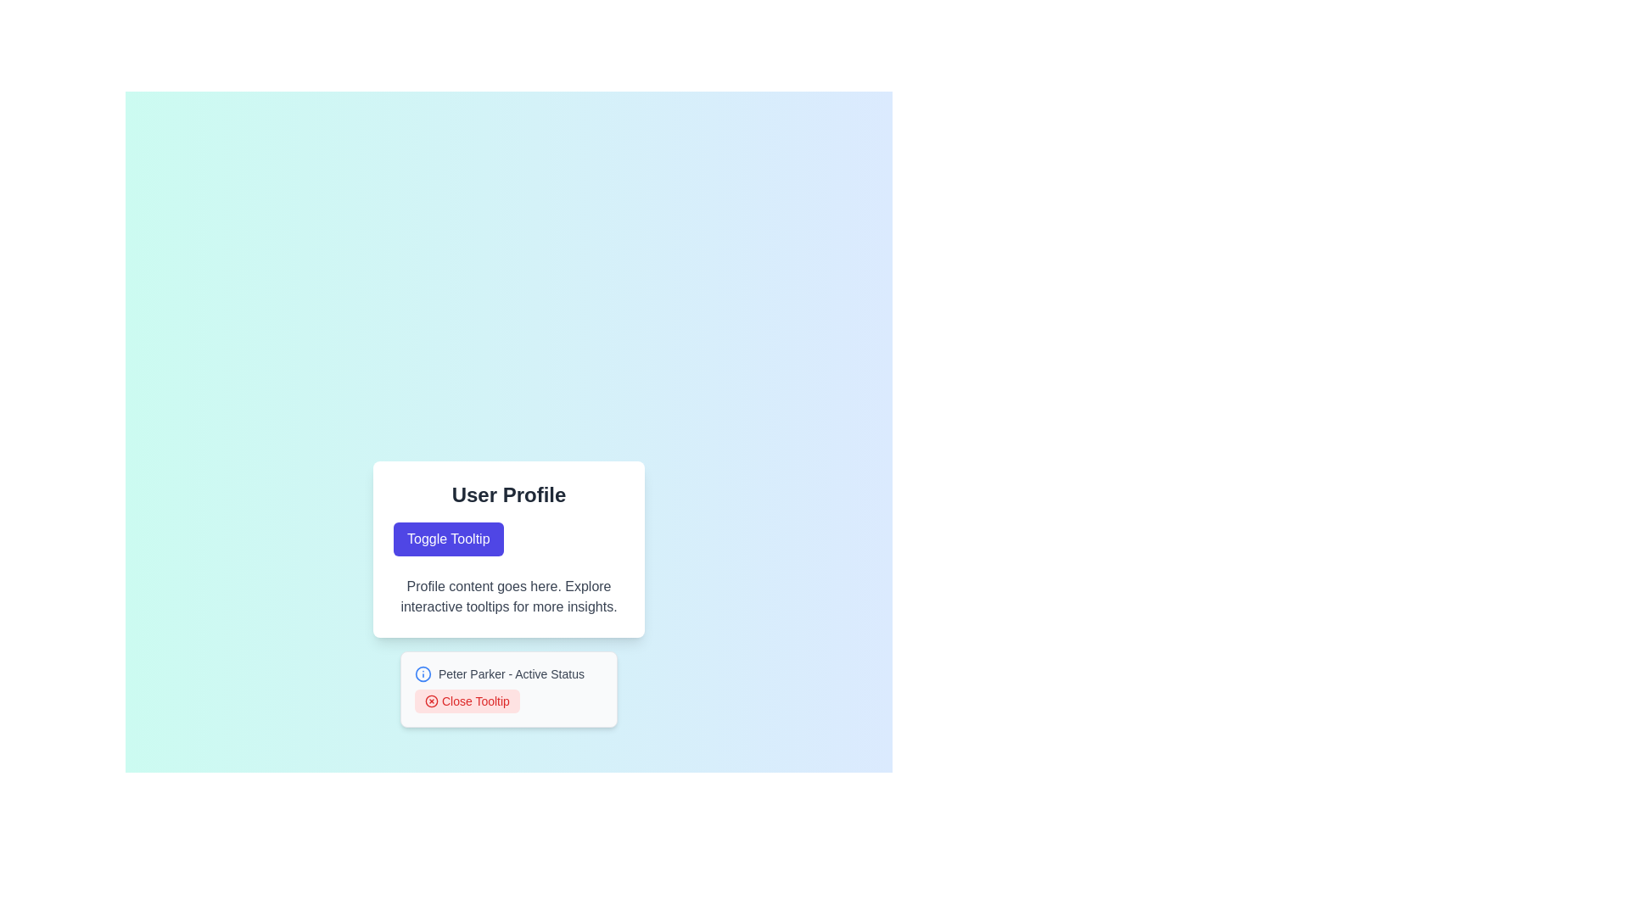 This screenshot has width=1629, height=916. Describe the element at coordinates (431, 701) in the screenshot. I see `the close icon, which is a circular button with an 'X' in the center` at that location.